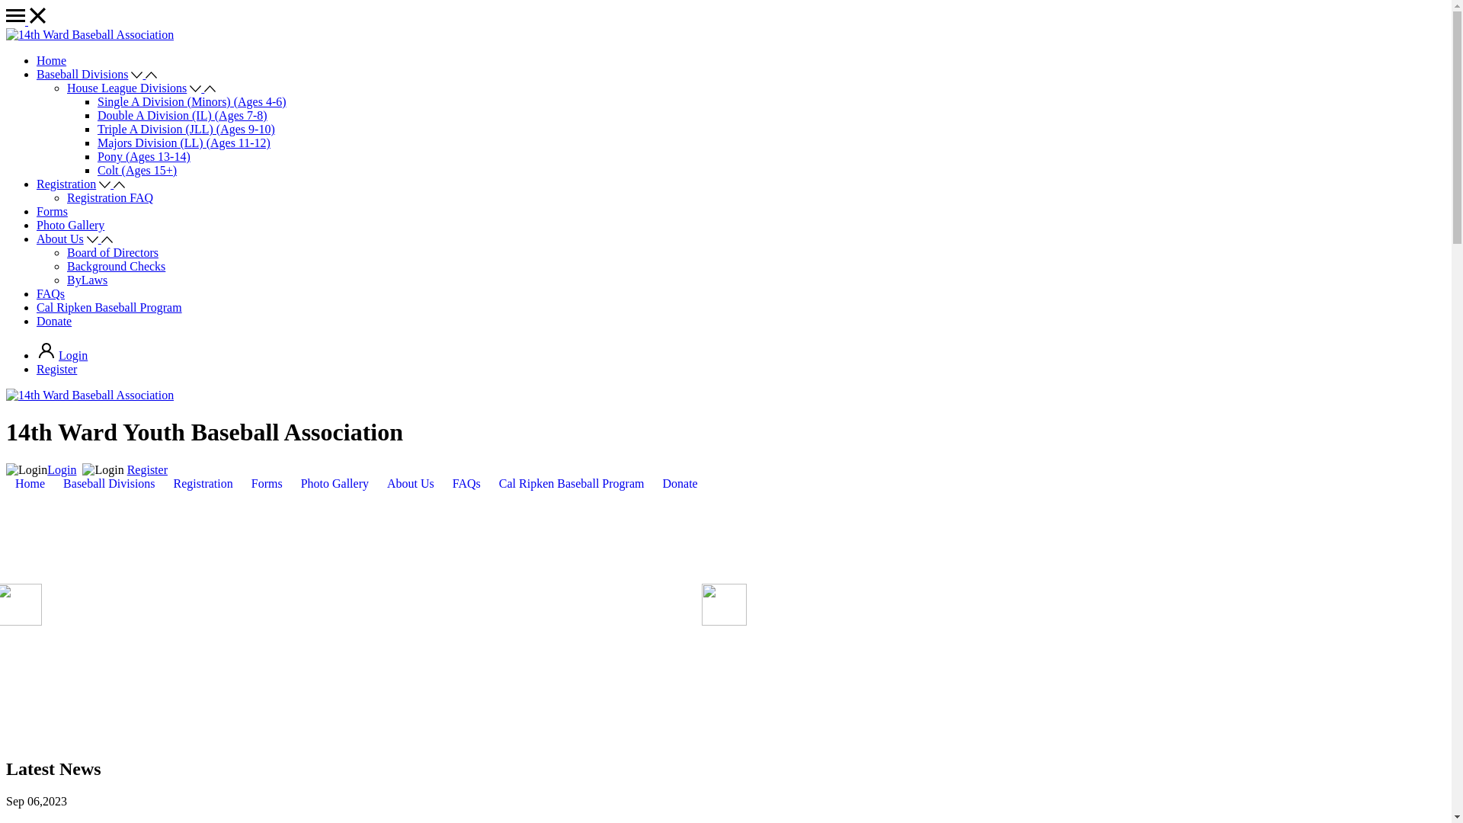 This screenshot has height=823, width=1463. Describe the element at coordinates (56, 369) in the screenshot. I see `'Register'` at that location.